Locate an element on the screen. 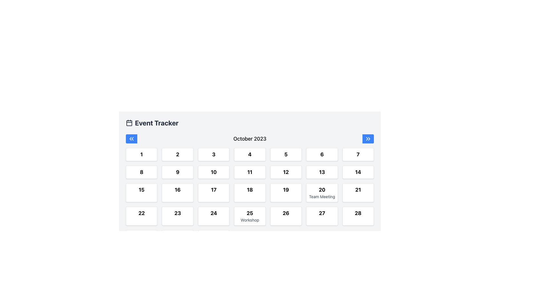 The image size is (548, 308). the text label providing details about the event scheduled on October 25, located below the bold number '25' in the calendar cell is located at coordinates (250, 220).